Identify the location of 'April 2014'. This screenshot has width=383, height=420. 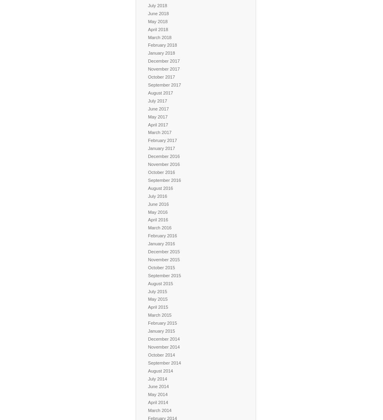
(148, 402).